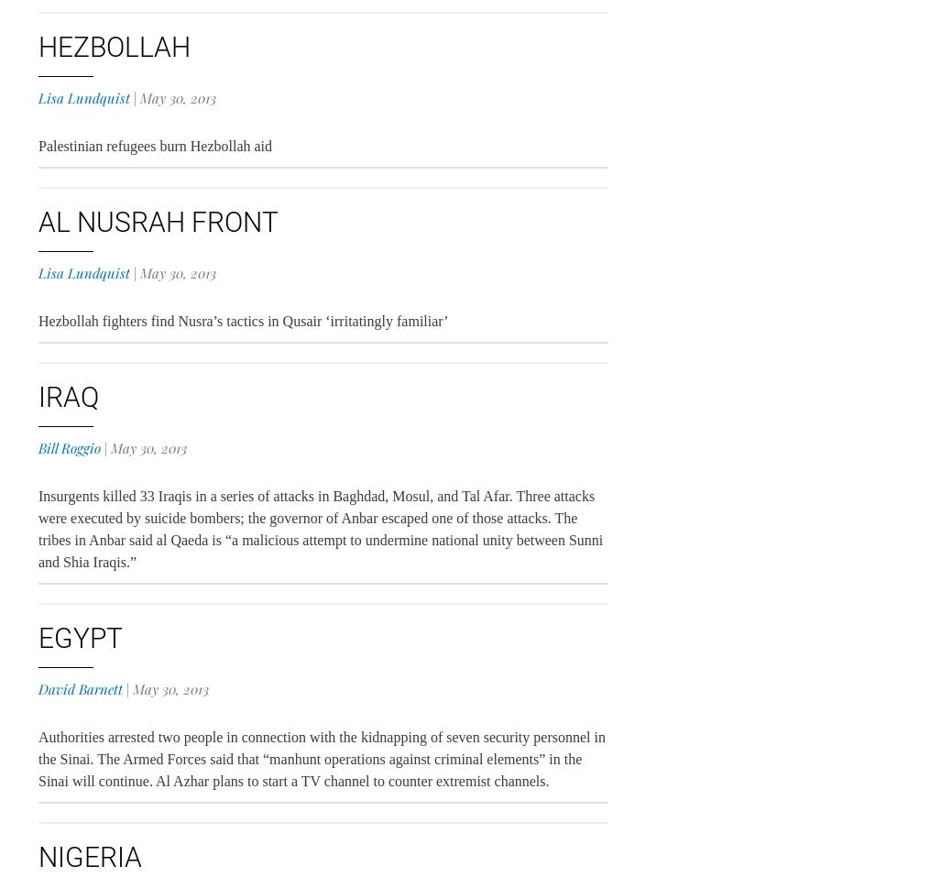 This screenshot has width=952, height=877. Describe the element at coordinates (68, 396) in the screenshot. I see `'Iraq'` at that location.